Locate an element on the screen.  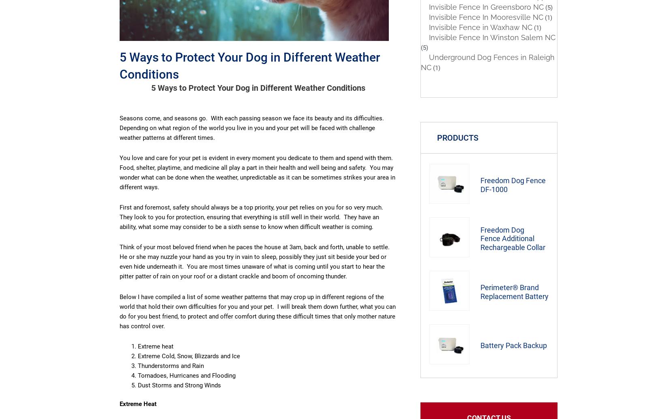
'Dust Storms and Strong Winds' is located at coordinates (179, 385).